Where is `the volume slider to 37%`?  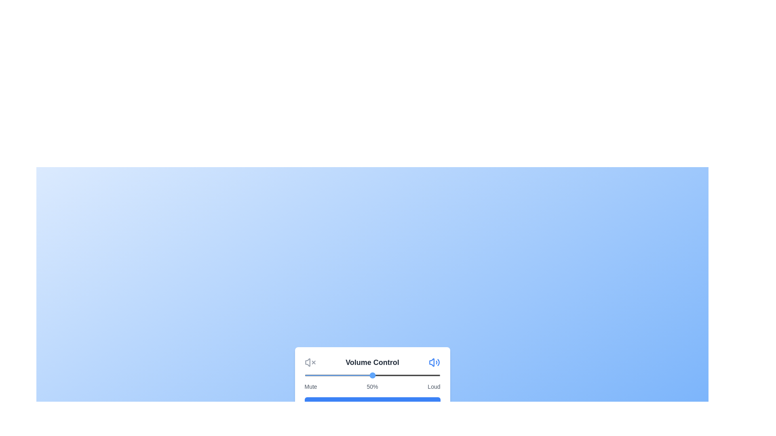
the volume slider to 37% is located at coordinates (354, 375).